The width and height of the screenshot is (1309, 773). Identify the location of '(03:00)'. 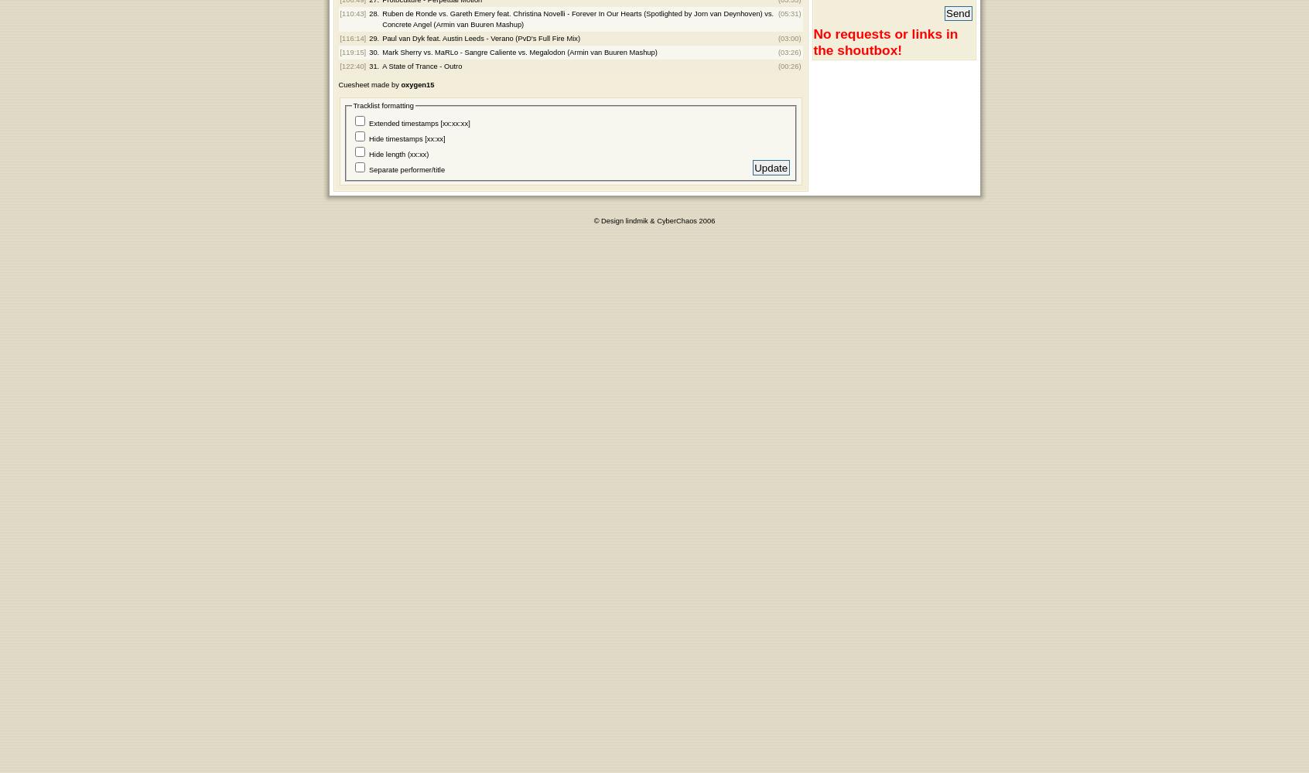
(777, 39).